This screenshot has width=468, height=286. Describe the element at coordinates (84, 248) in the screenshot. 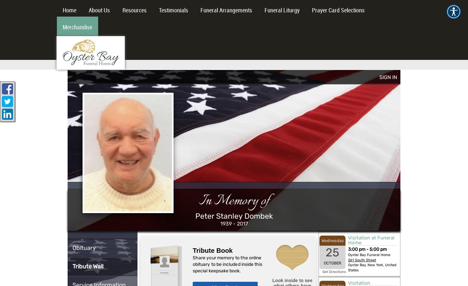

I see `'Obituary'` at that location.